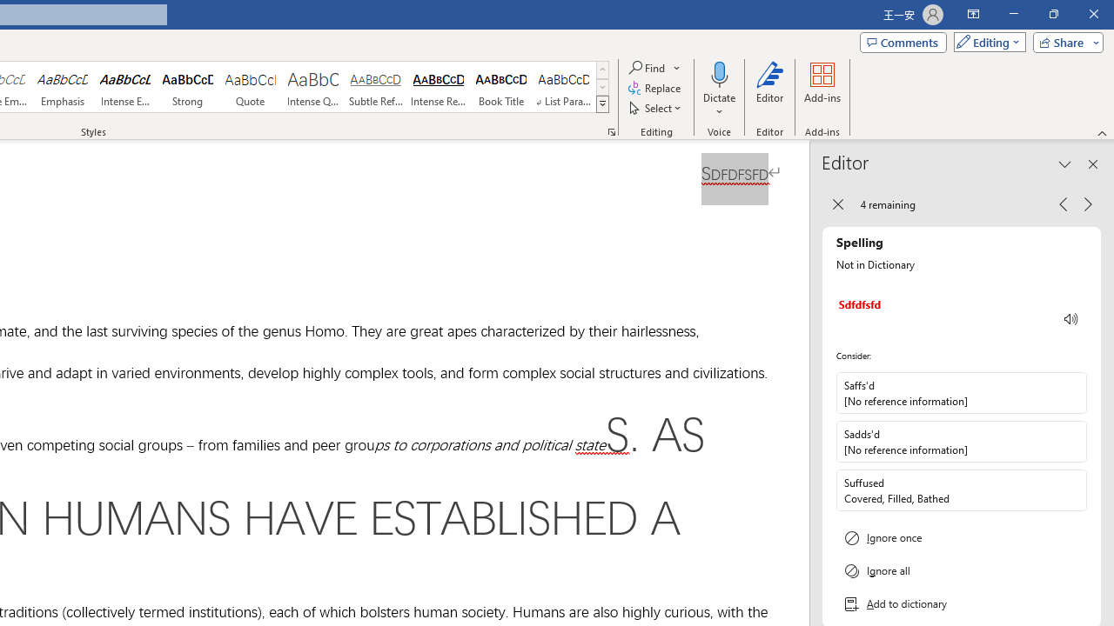 This screenshot has width=1114, height=626. What do you see at coordinates (62, 87) in the screenshot?
I see `'Emphasis'` at bounding box center [62, 87].